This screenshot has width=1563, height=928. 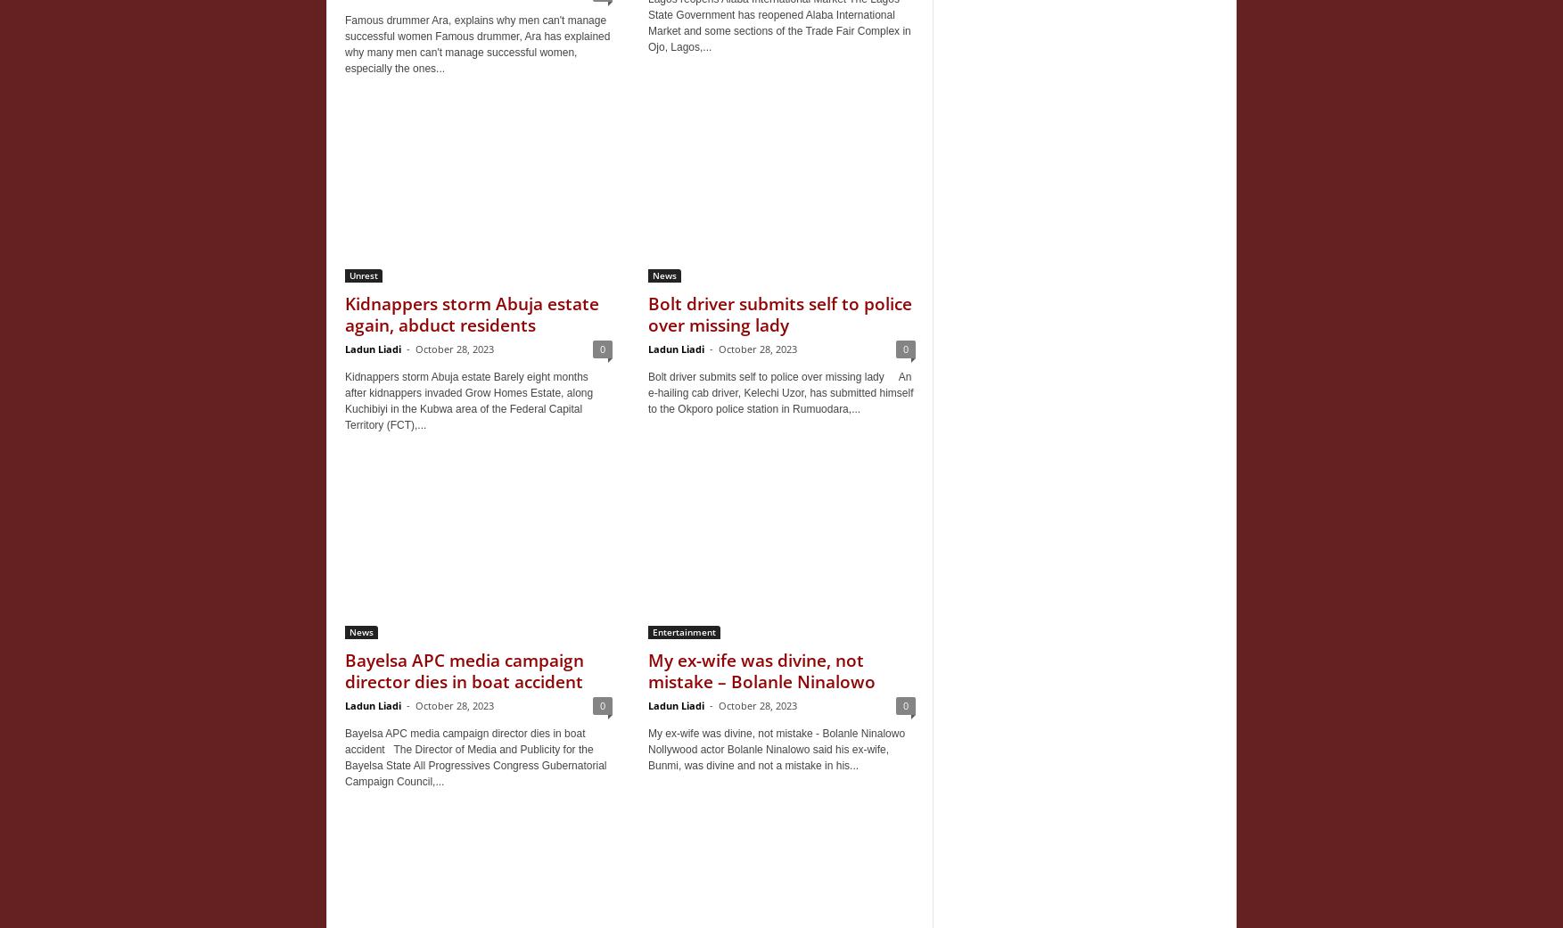 What do you see at coordinates (477, 43) in the screenshot?
I see `'Famous drummer Ara, explains why men can't manage successful women


Famous drummer, Ara has explained why many men can't manage successful women, especially the ones...'` at bounding box center [477, 43].